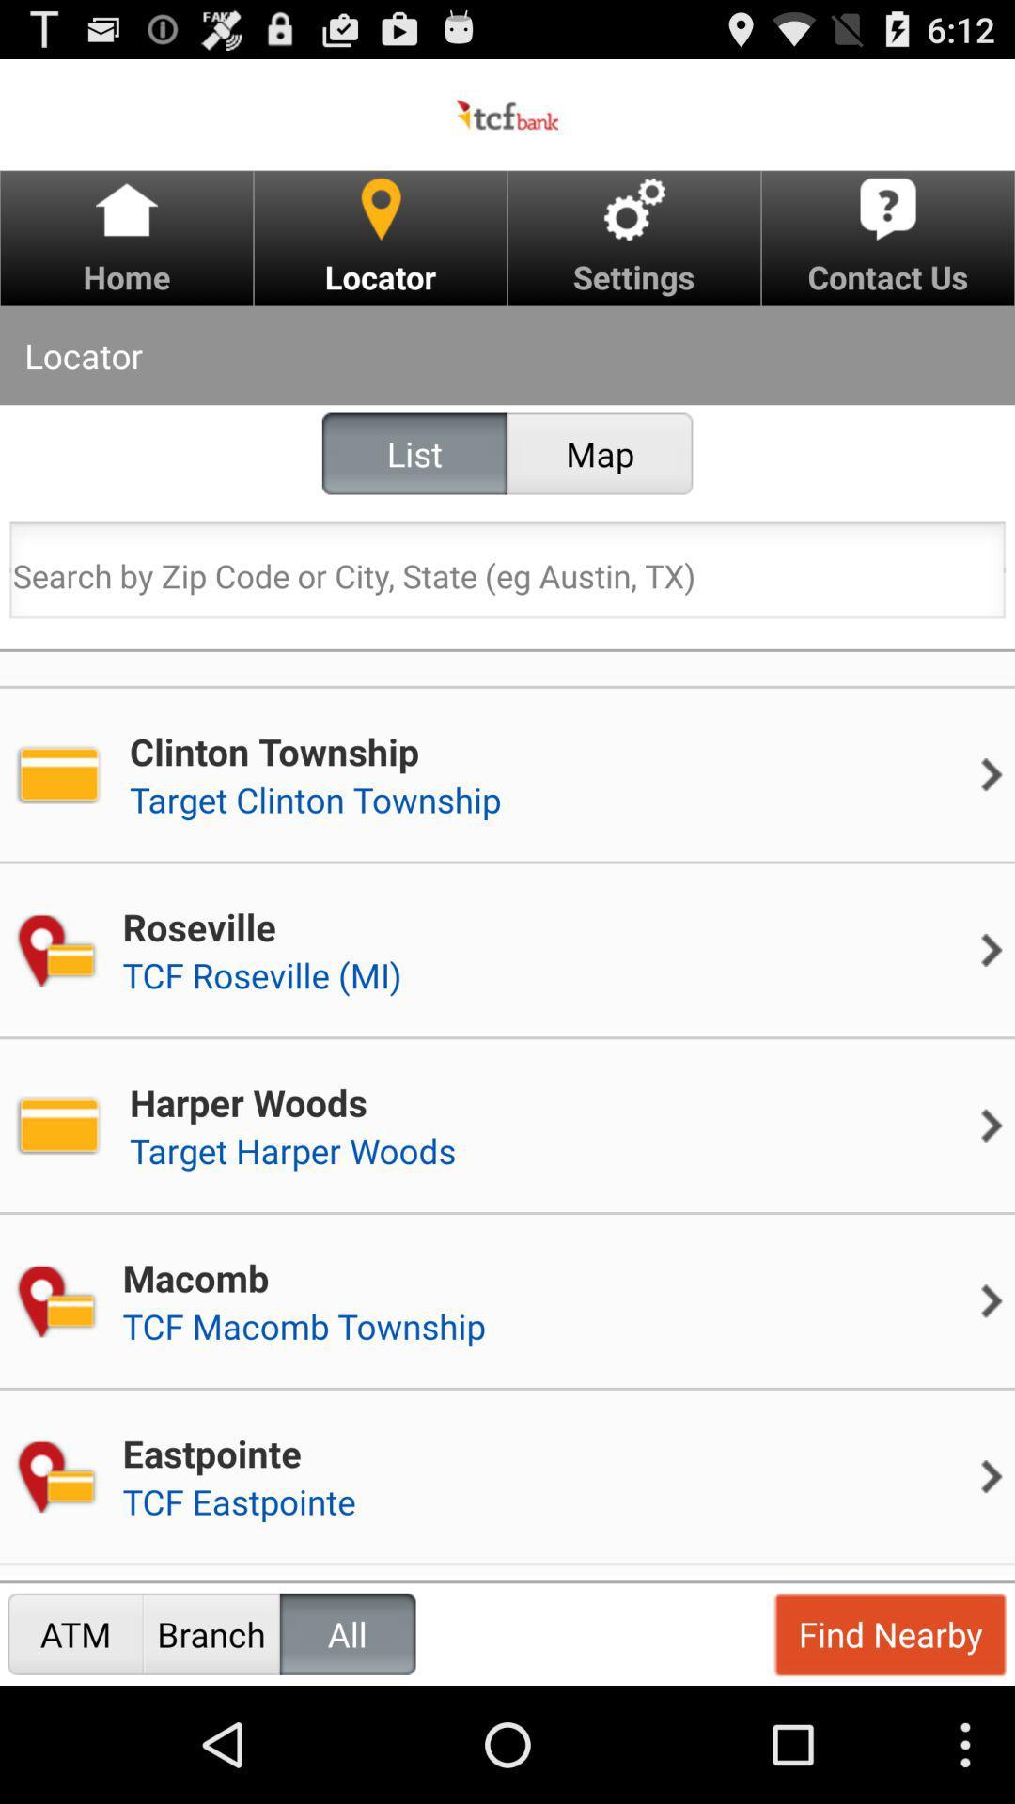 The image size is (1015, 1804). Describe the element at coordinates (348, 1633) in the screenshot. I see `radio button to the right of the branch icon` at that location.